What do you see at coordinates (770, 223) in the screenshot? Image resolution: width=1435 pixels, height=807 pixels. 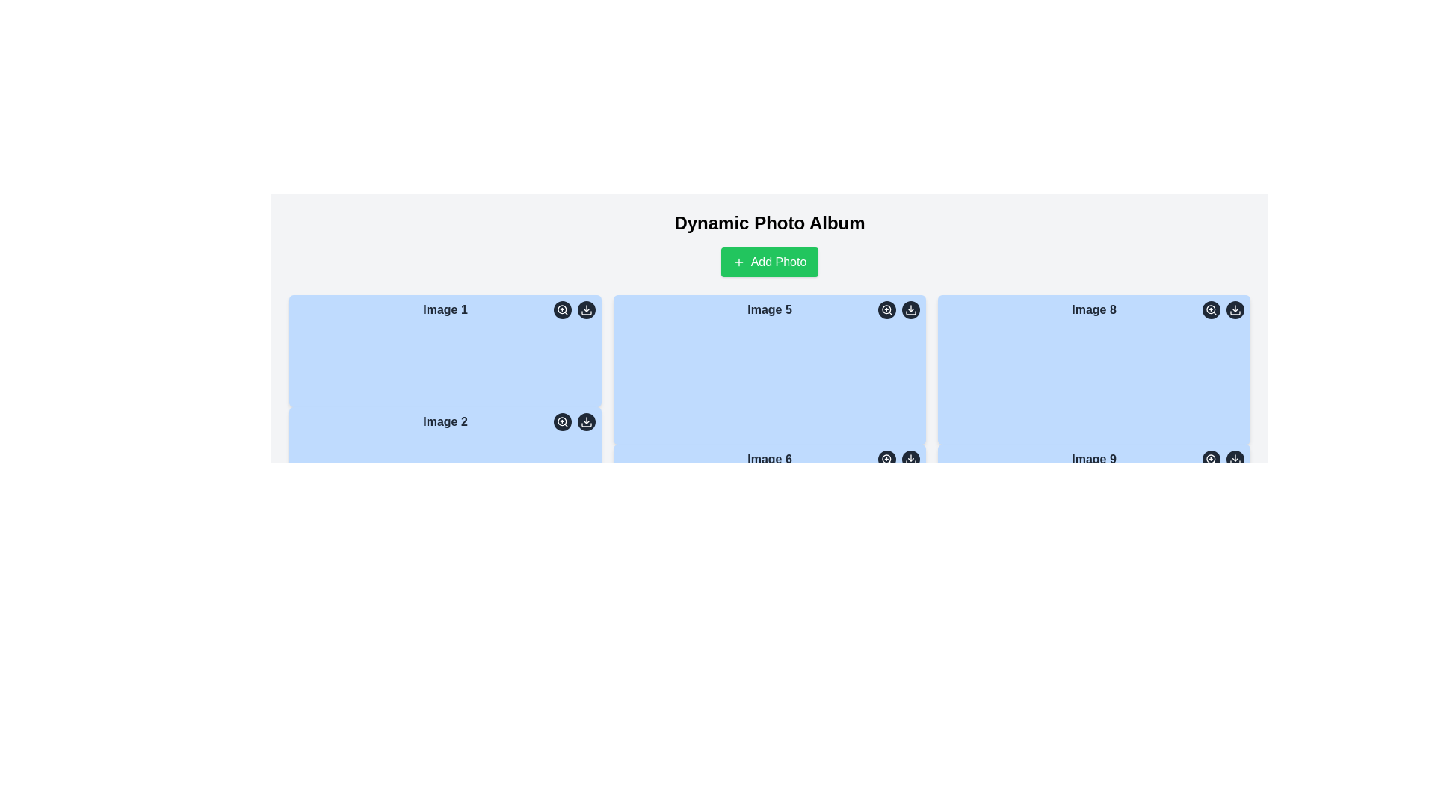 I see `the bold, large-sized title text saying 'Dynamic Photo Album' positioned at the top center of the layout` at bounding box center [770, 223].